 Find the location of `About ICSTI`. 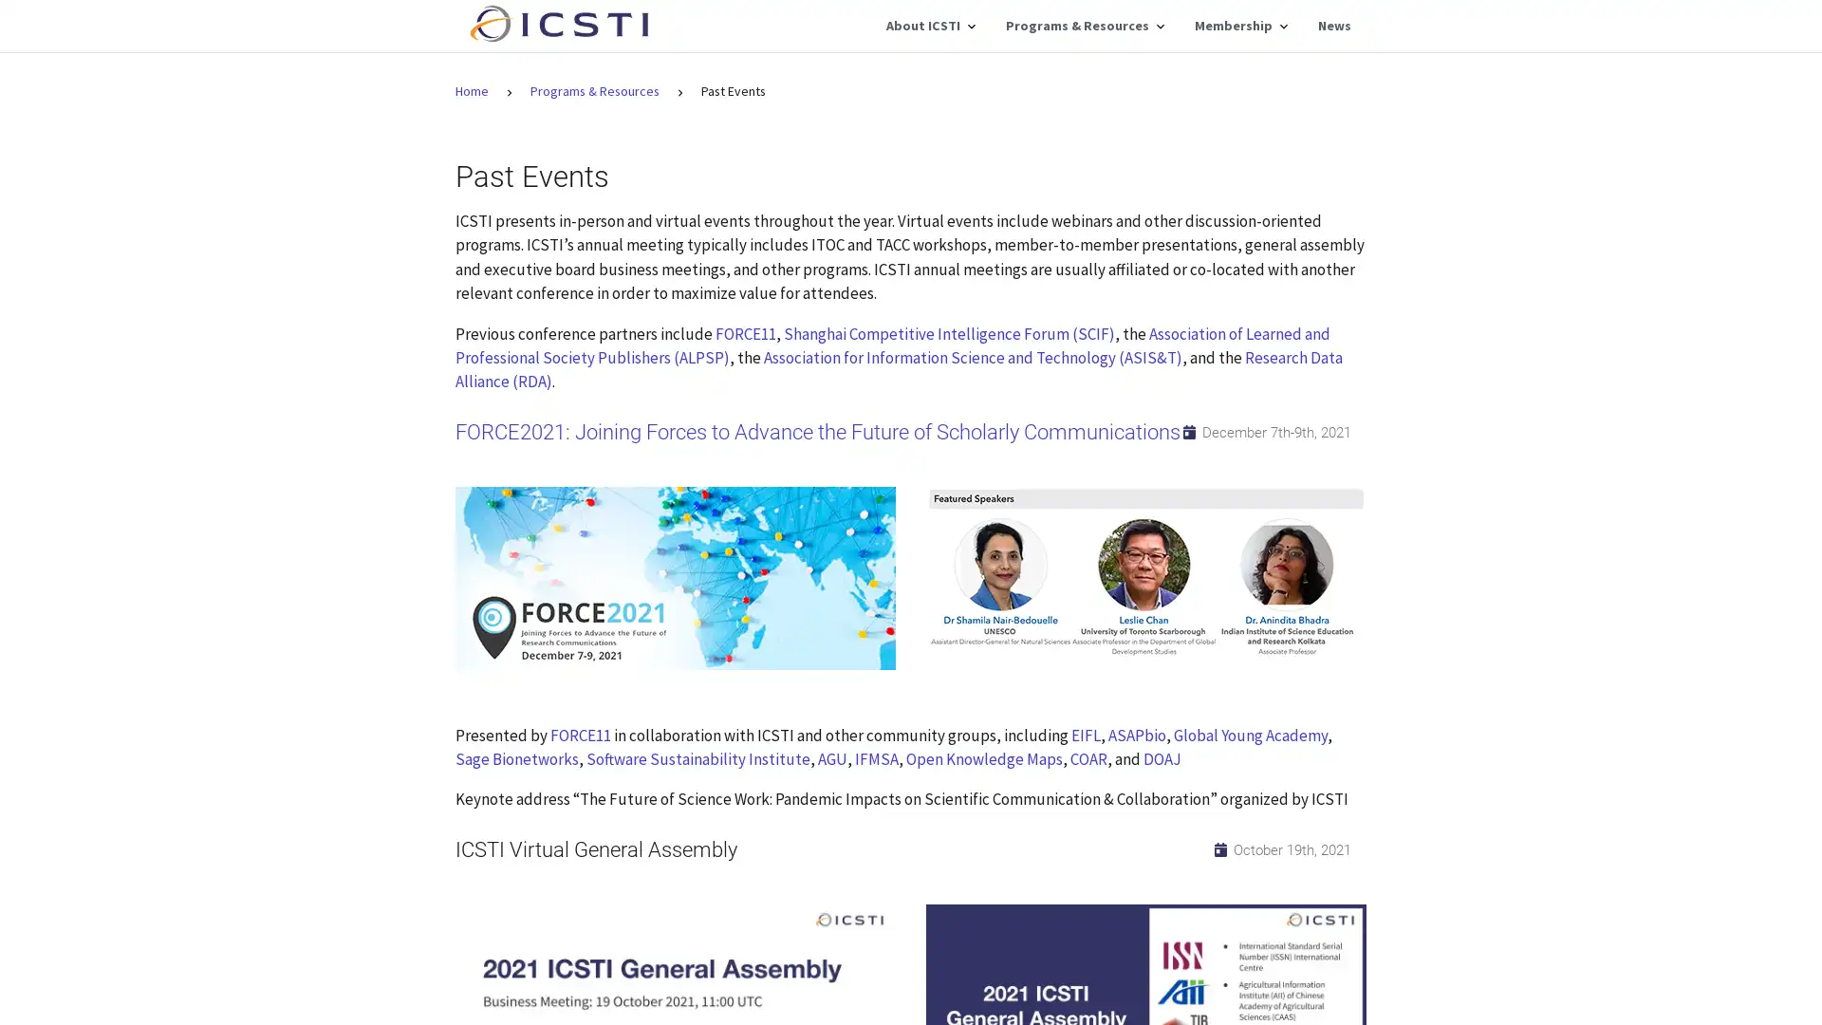

About ICSTI is located at coordinates (930, 26).